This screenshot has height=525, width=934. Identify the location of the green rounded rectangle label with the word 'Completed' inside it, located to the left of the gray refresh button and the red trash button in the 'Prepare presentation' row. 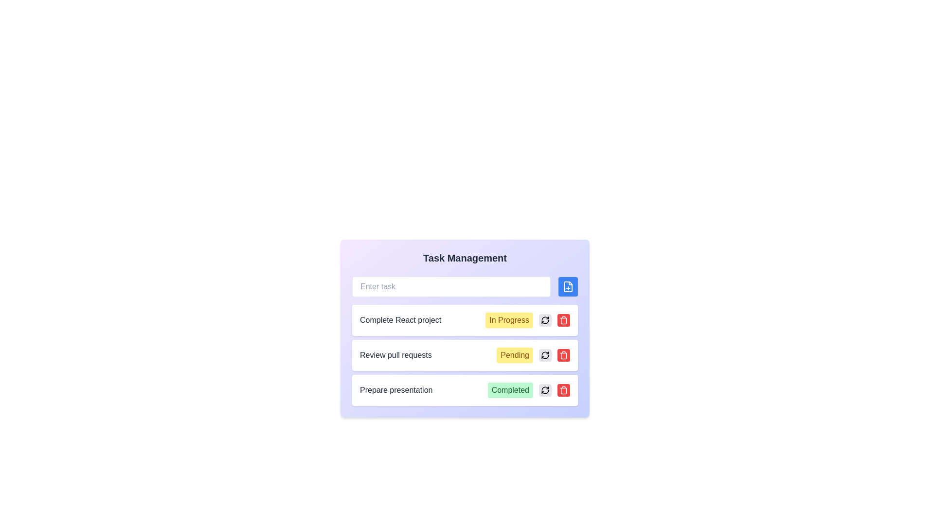
(528, 389).